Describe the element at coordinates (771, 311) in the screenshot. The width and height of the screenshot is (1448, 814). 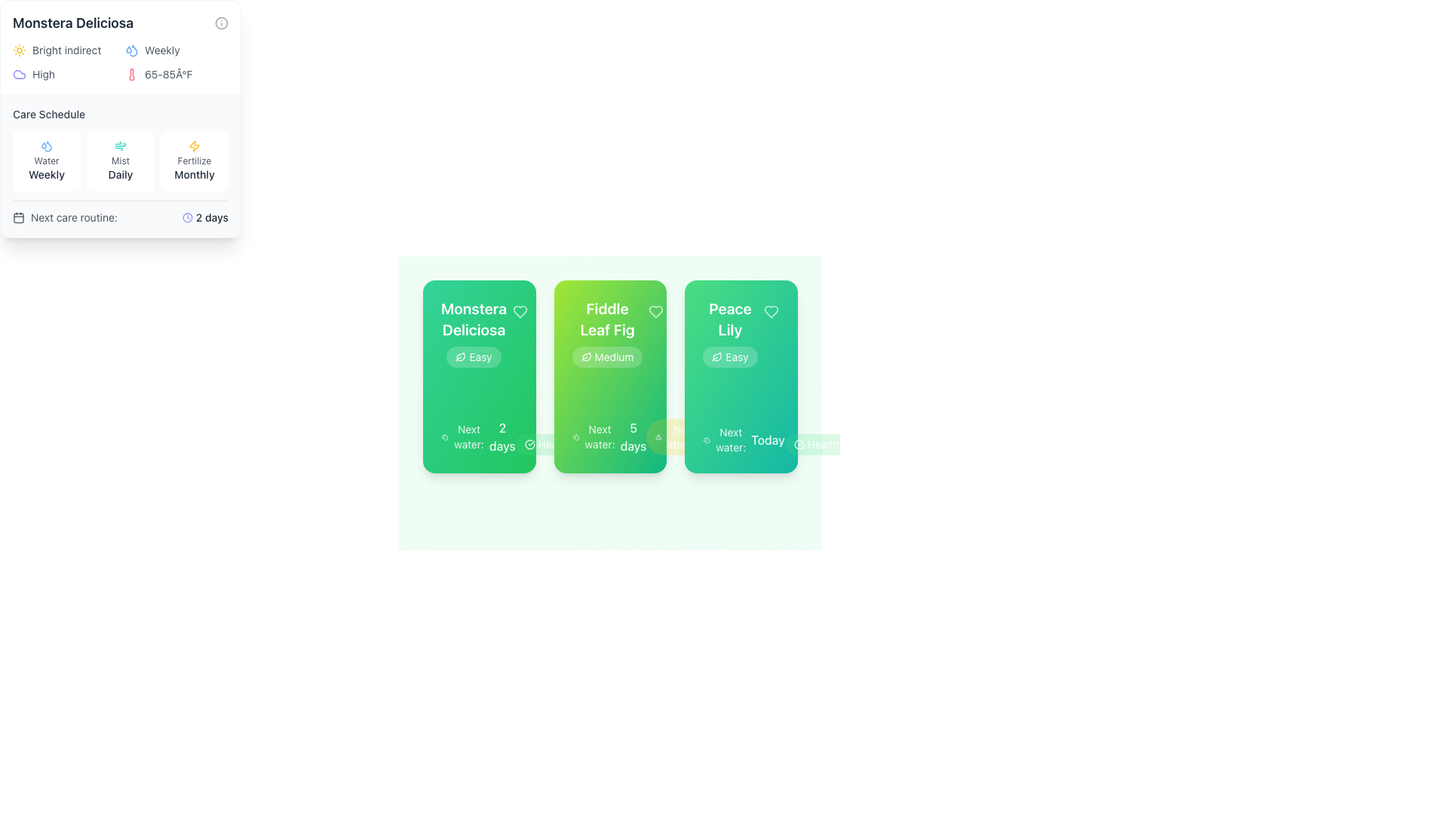
I see `the heart icon located in the top-right corner of the 'Peace Lily' card` at that location.